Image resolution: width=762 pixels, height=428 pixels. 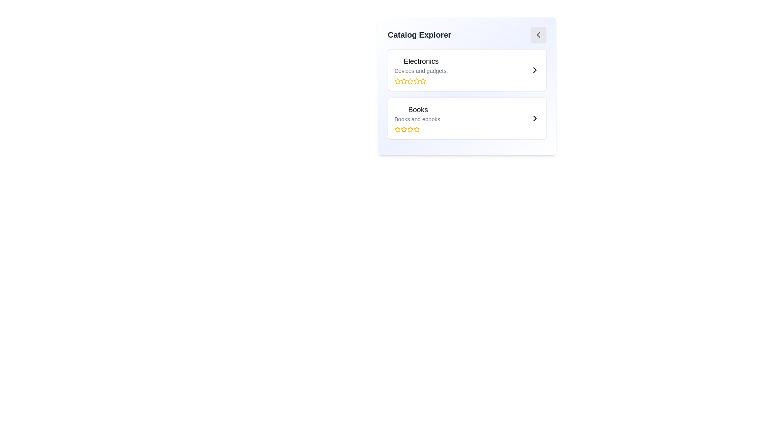 I want to click on the second star in the sequence of five rating stars under the 'Electronics' section in the 'Catalog Explorer' interface, so click(x=410, y=81).